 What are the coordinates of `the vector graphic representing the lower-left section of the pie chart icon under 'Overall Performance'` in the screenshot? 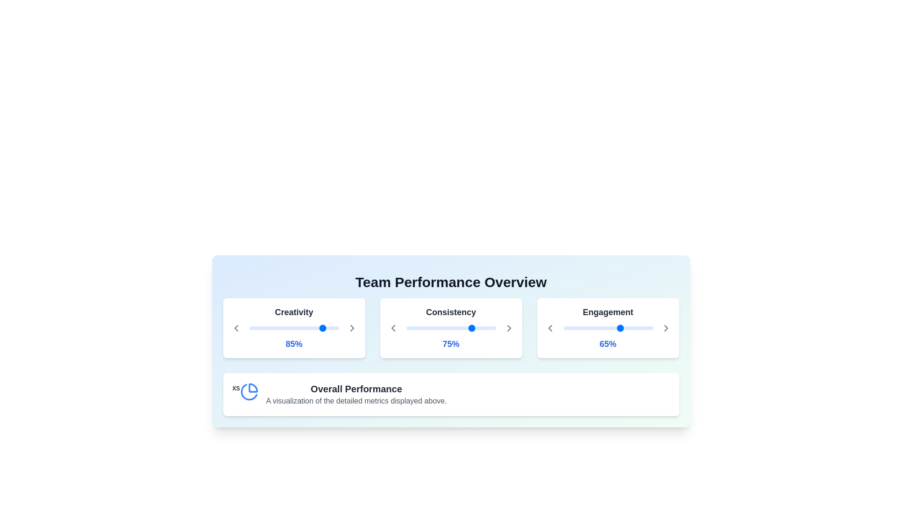 It's located at (249, 392).